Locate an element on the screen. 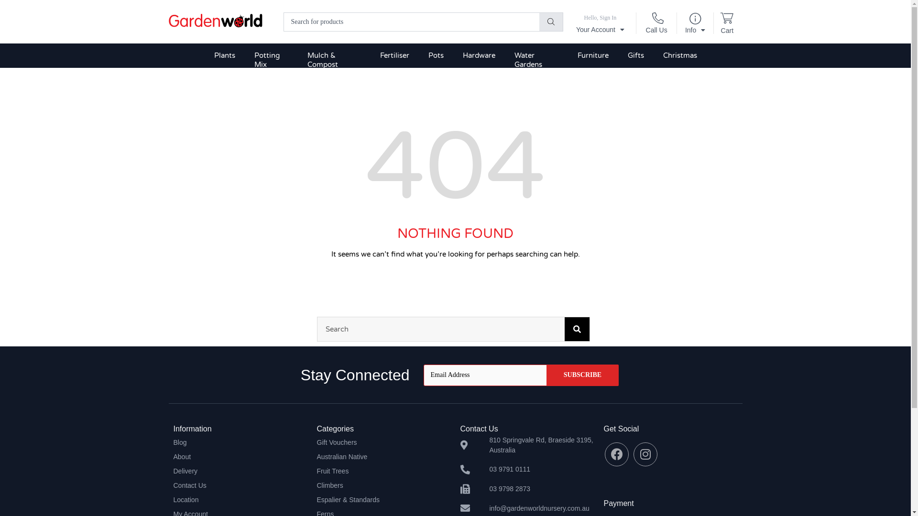 This screenshot has height=516, width=918. 'Gifts' is located at coordinates (635, 55).